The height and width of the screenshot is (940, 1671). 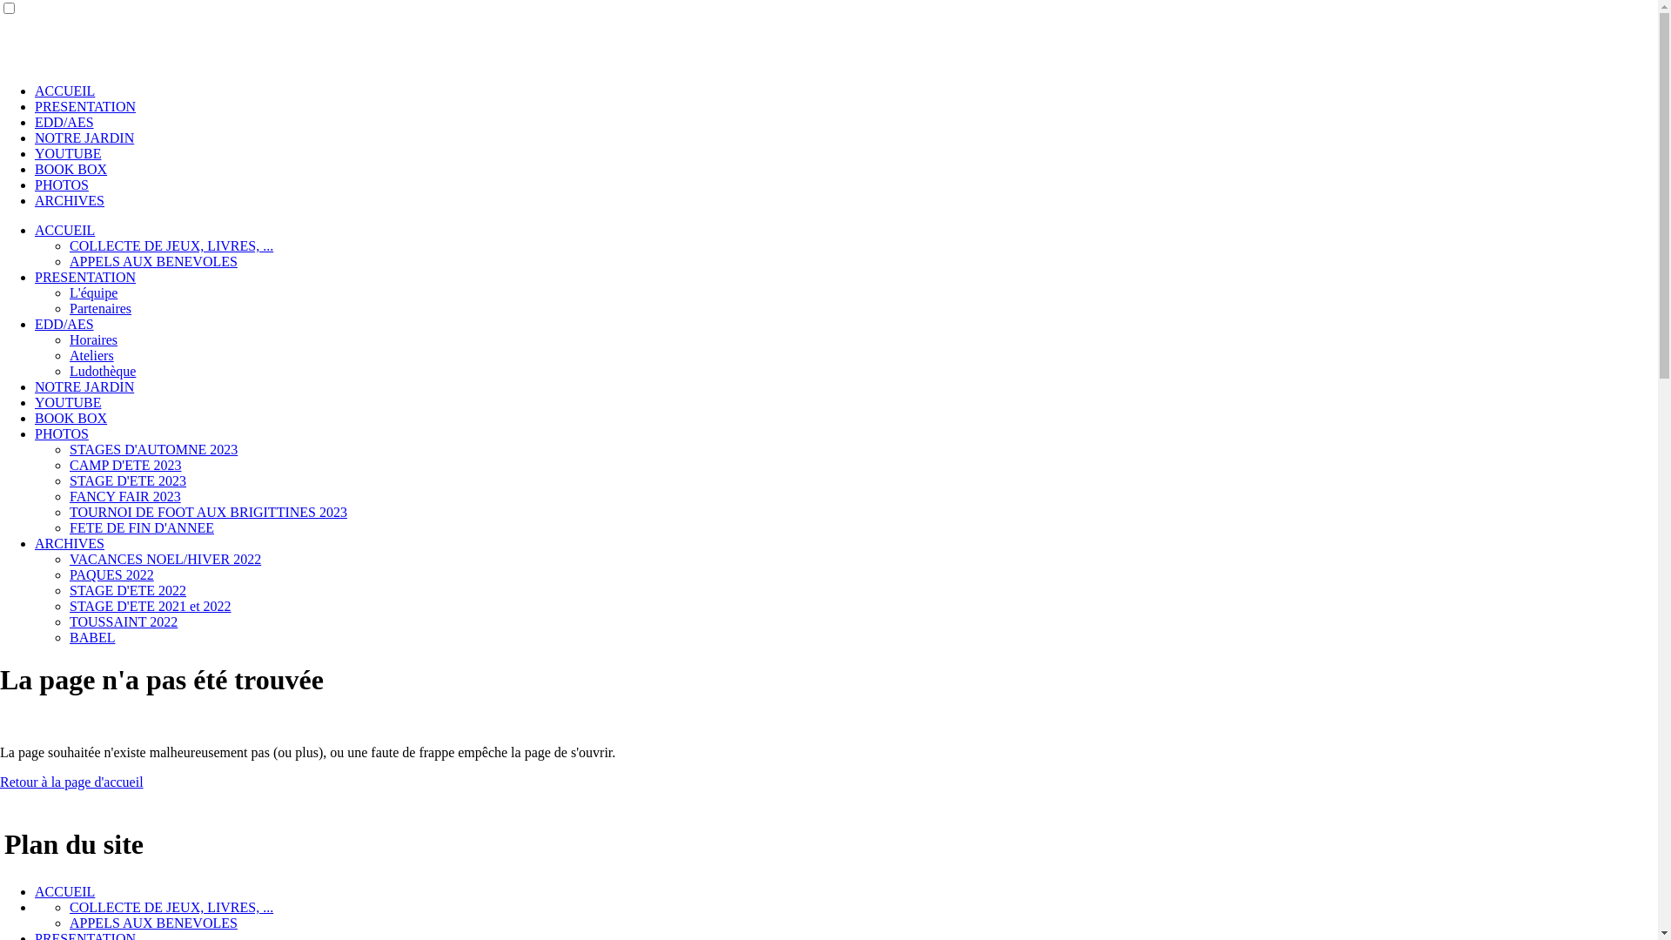 I want to click on 'FETE DE FIN D'ANNEE', so click(x=142, y=527).